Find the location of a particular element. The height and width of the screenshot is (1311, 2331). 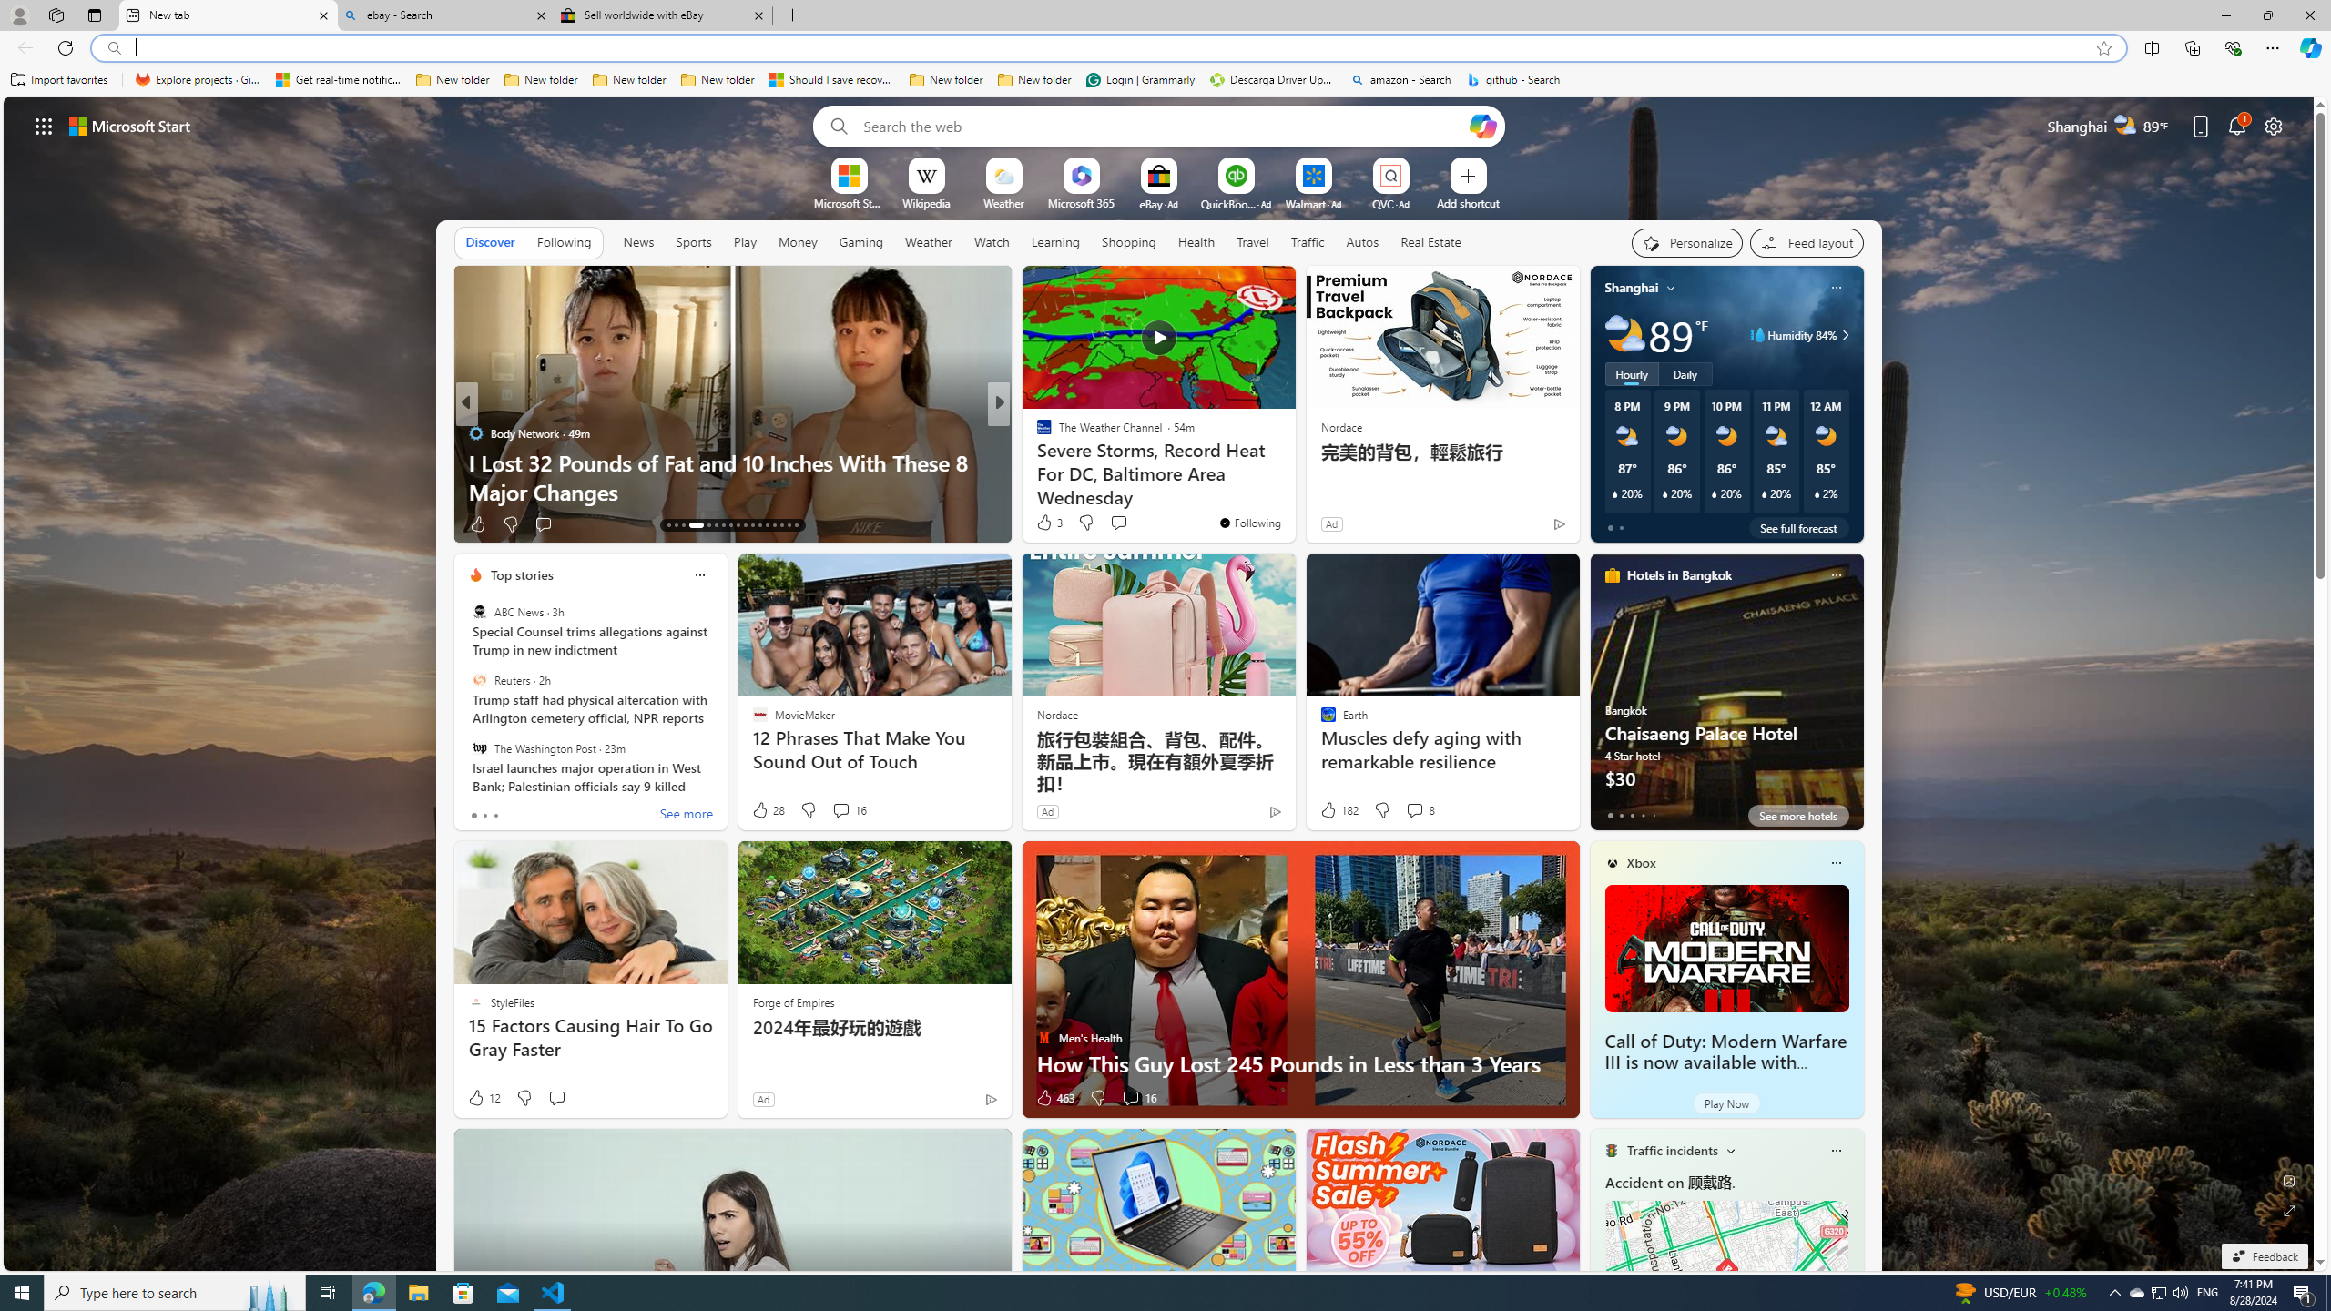

'Real Estate' is located at coordinates (1430, 240).